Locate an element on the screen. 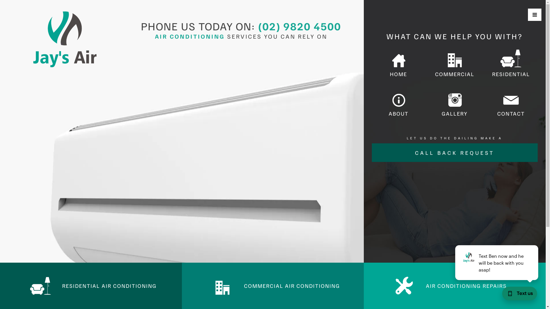 Image resolution: width=550 pixels, height=309 pixels. 'COMMERCIAL' is located at coordinates (454, 64).